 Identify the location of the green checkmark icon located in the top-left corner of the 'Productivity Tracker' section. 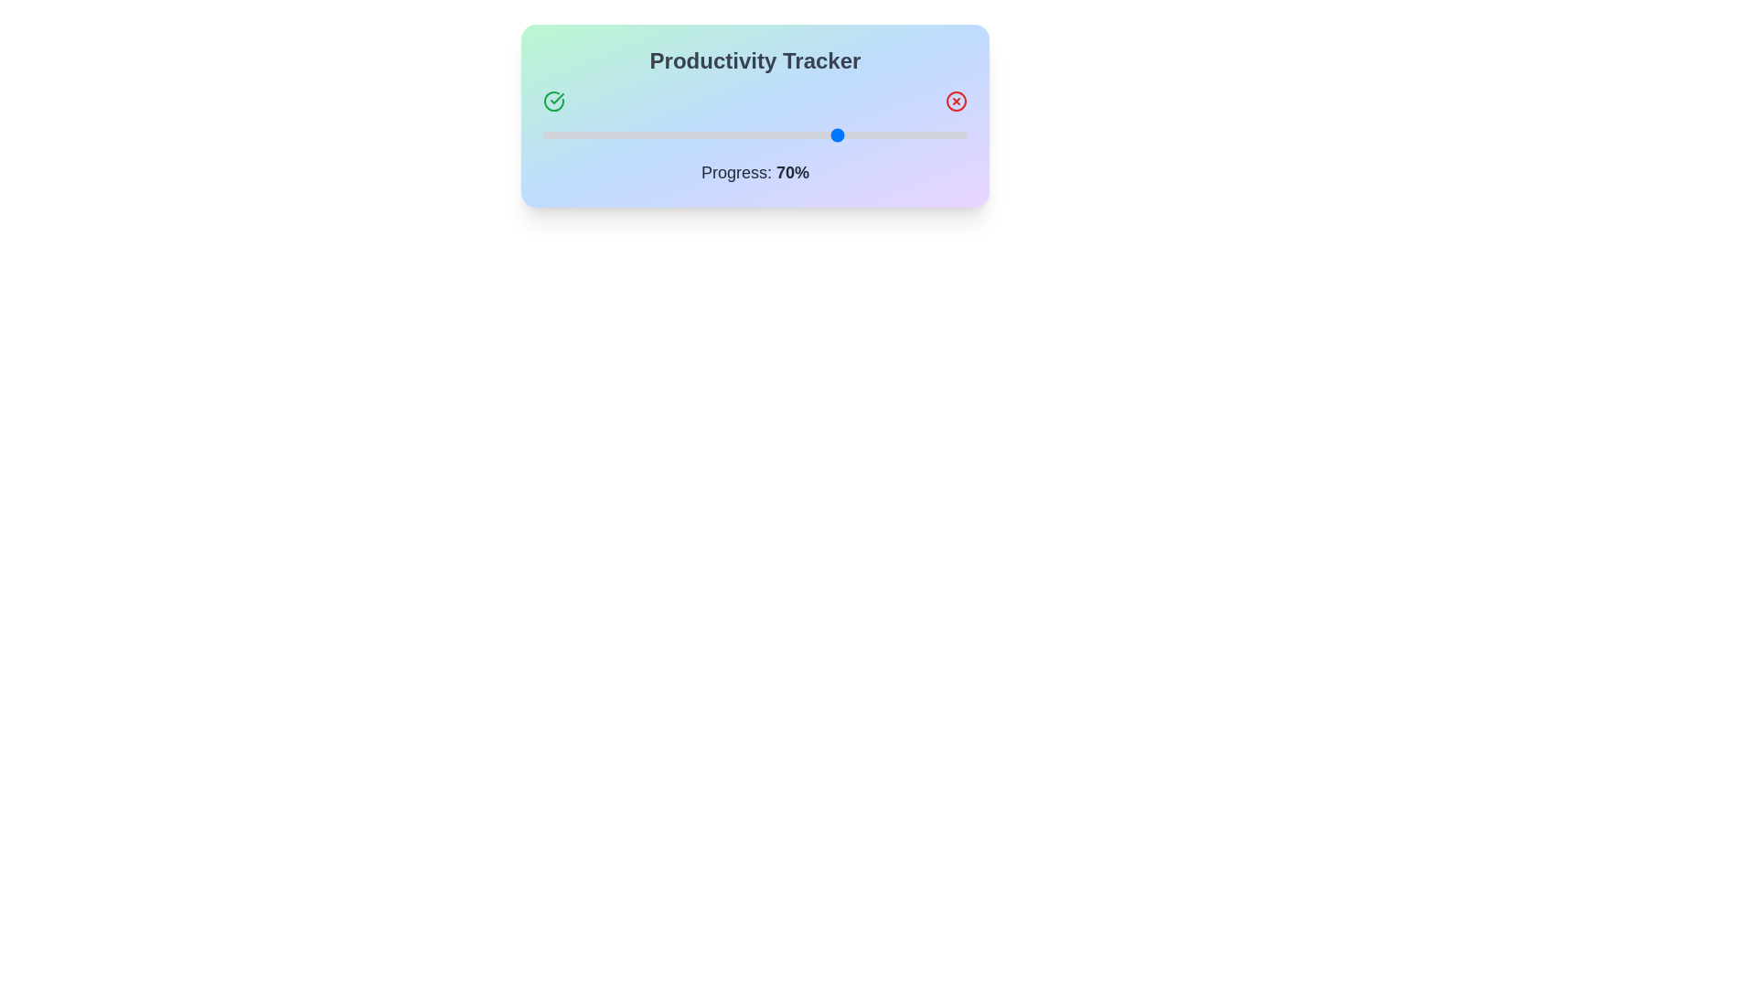
(552, 102).